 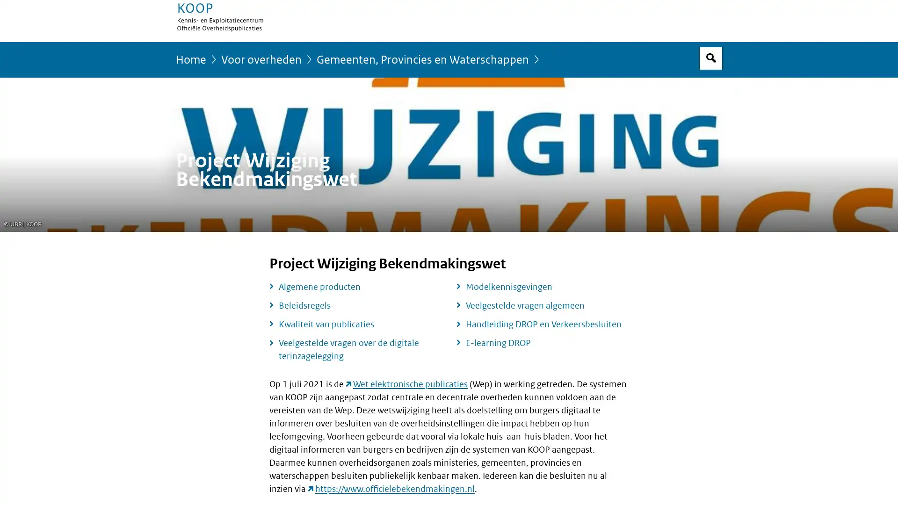 I want to click on Open zoekveld, so click(x=711, y=58).